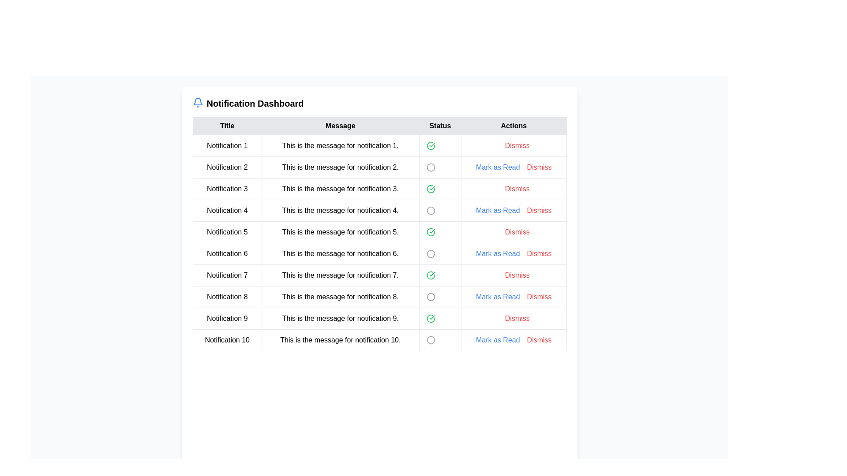  I want to click on the status indication of the Status indicator with a green circle checkmark located in the 'Status' column of the 'Notification 9' row, so click(440, 318).